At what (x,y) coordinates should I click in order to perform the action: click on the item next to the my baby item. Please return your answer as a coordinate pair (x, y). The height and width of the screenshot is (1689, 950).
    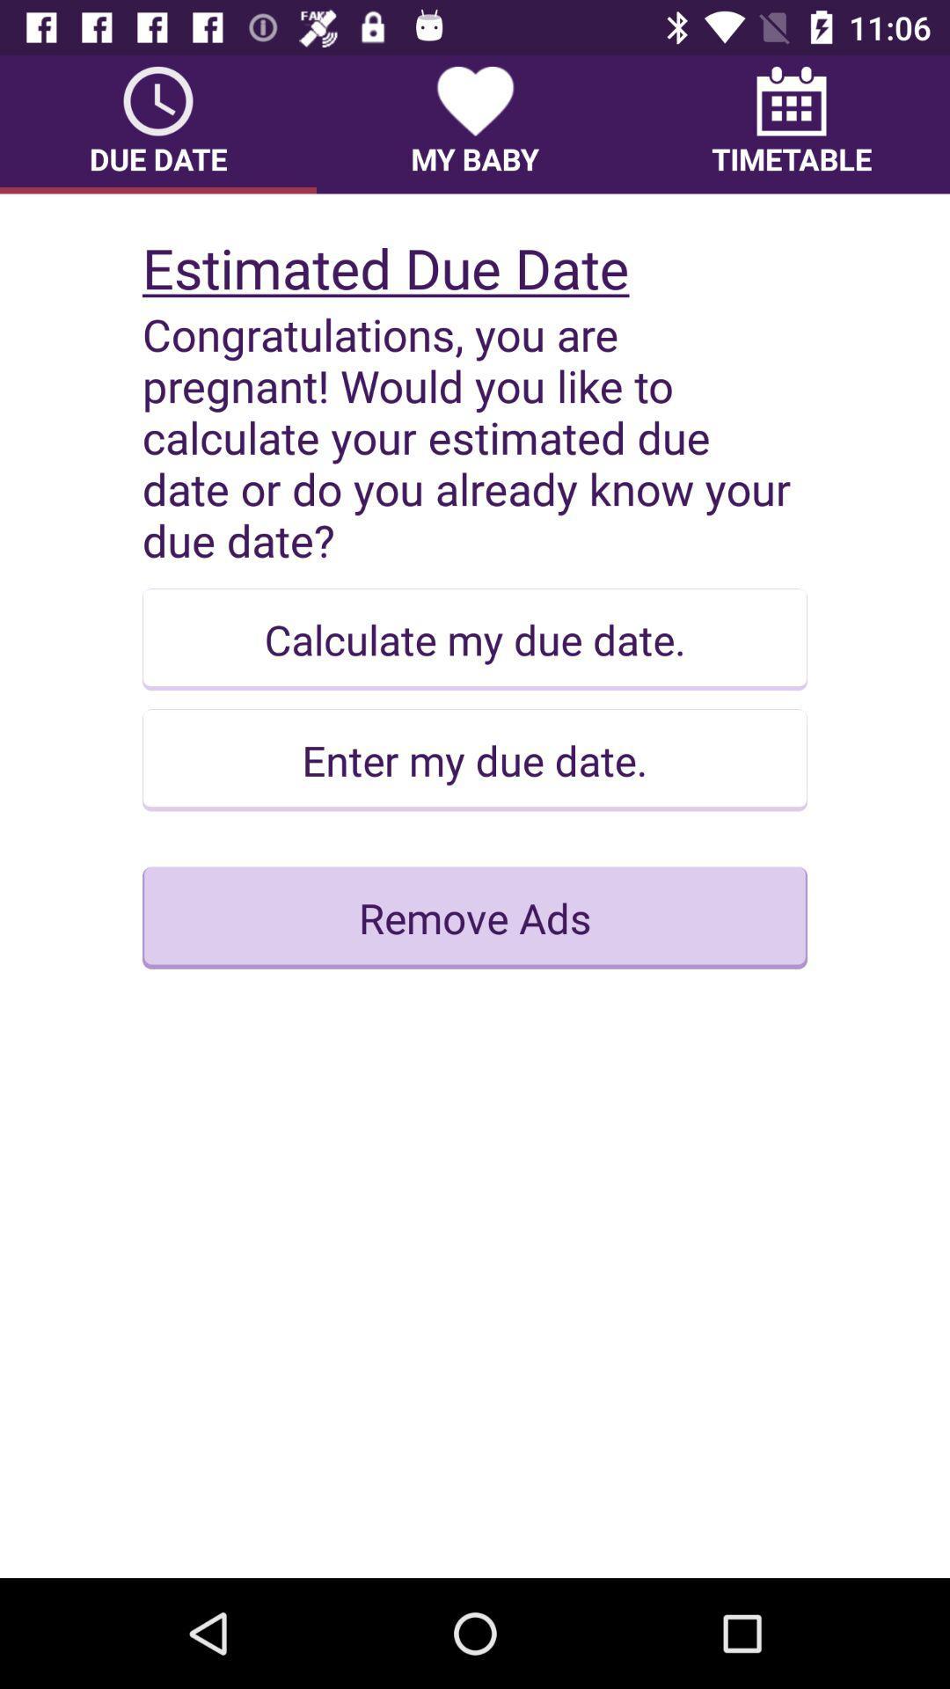
    Looking at the image, I should click on (790, 123).